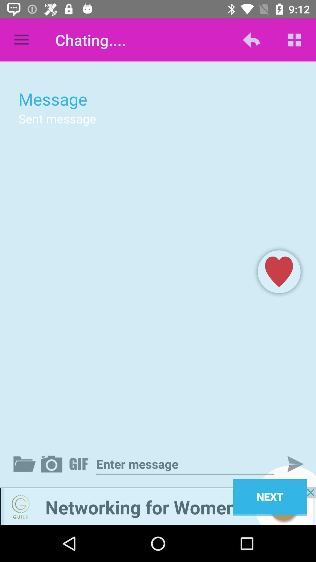  What do you see at coordinates (80, 464) in the screenshot?
I see `gifte` at bounding box center [80, 464].